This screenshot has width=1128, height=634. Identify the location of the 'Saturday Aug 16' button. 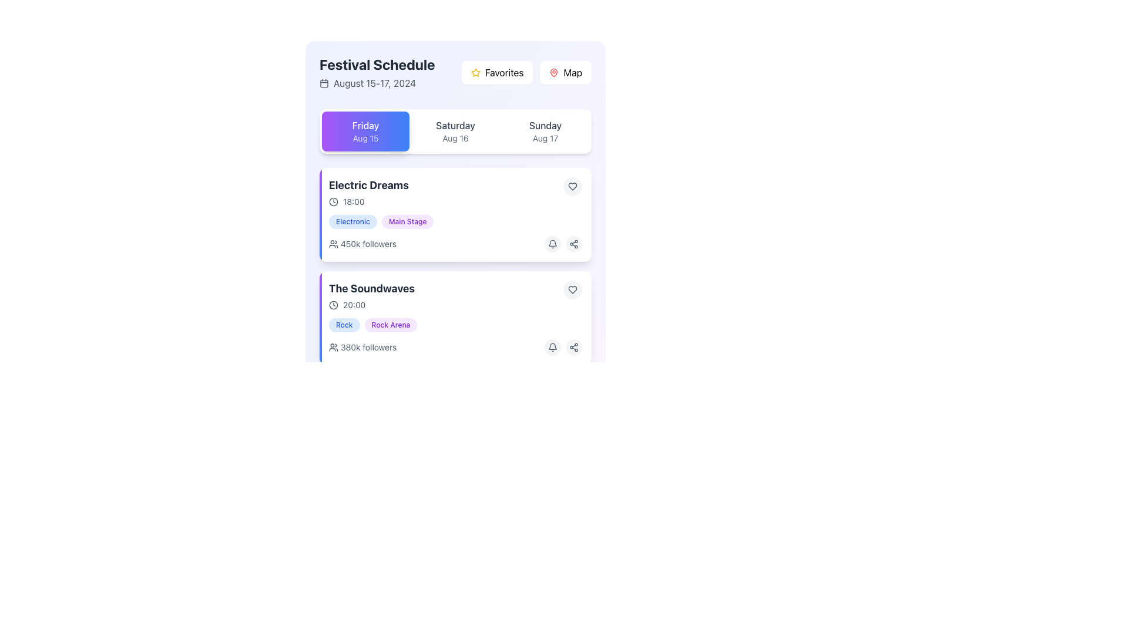
(455, 131).